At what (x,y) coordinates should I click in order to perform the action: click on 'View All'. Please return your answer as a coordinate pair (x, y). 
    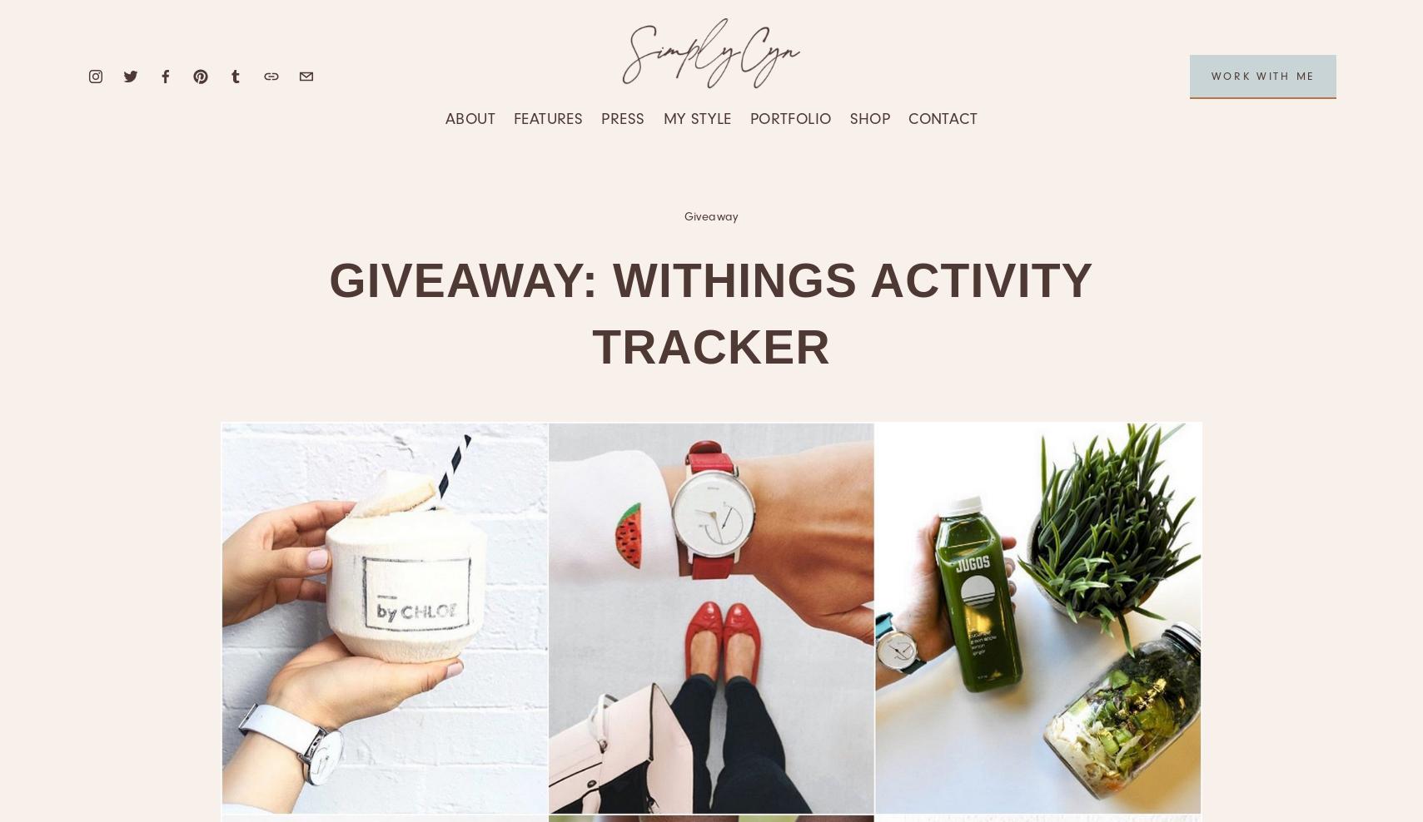
    Looking at the image, I should click on (512, 250).